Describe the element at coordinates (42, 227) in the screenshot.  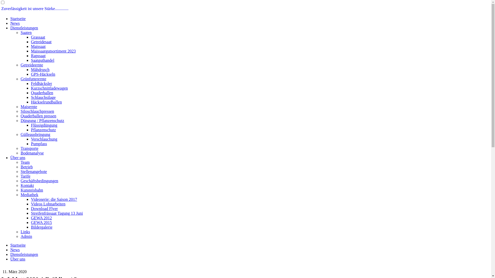
I see `'Bildergalerie'` at that location.